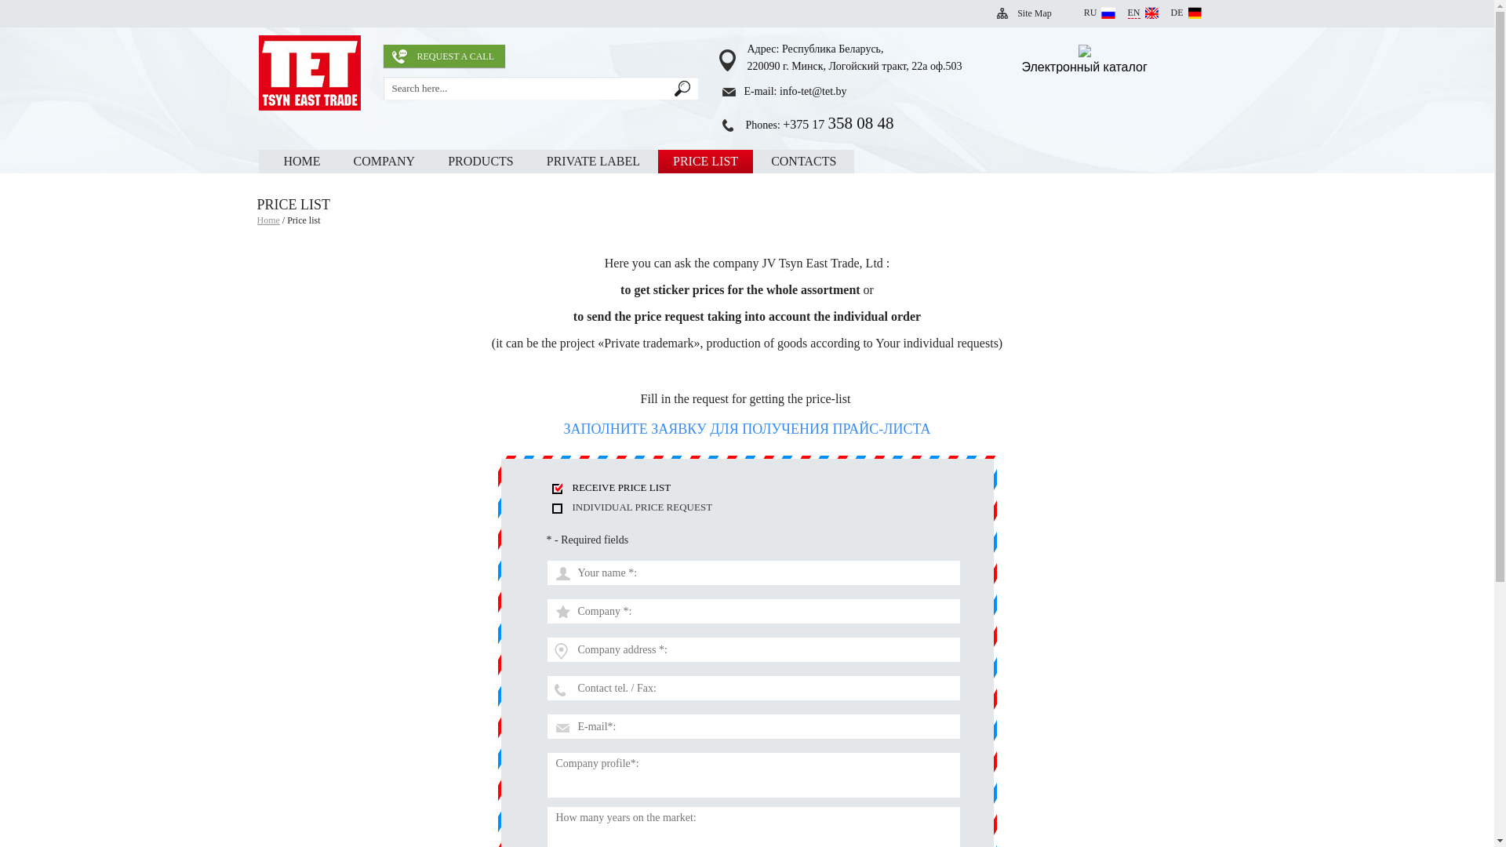  Describe the element at coordinates (803, 161) in the screenshot. I see `'CONTACTS'` at that location.